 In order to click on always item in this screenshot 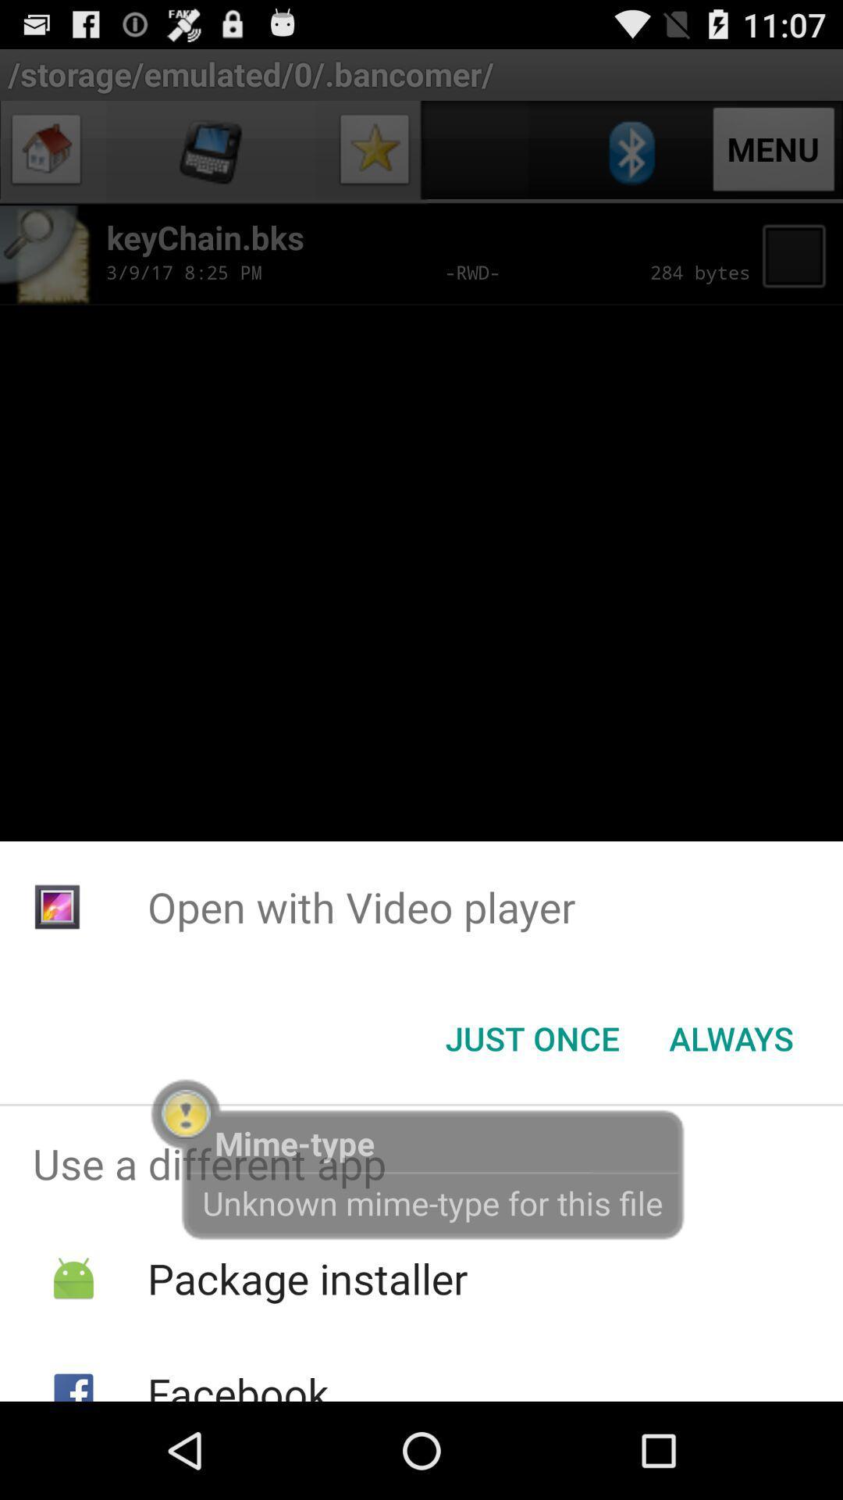, I will do `click(731, 1038)`.